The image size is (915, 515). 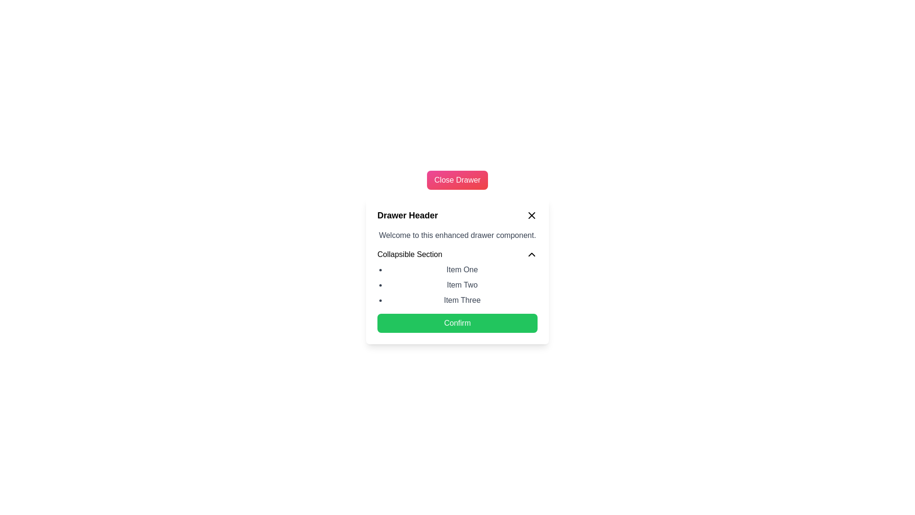 I want to click on text label positioned below the 'Drawer Header' title and above the 'Collapsible Section' within the card layout, so click(x=457, y=235).